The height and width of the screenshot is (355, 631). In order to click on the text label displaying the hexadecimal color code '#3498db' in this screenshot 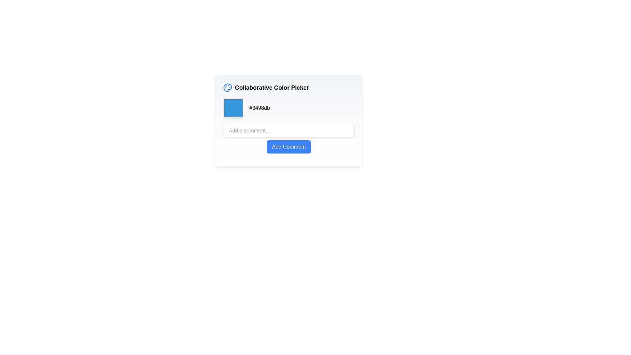, I will do `click(259, 107)`.